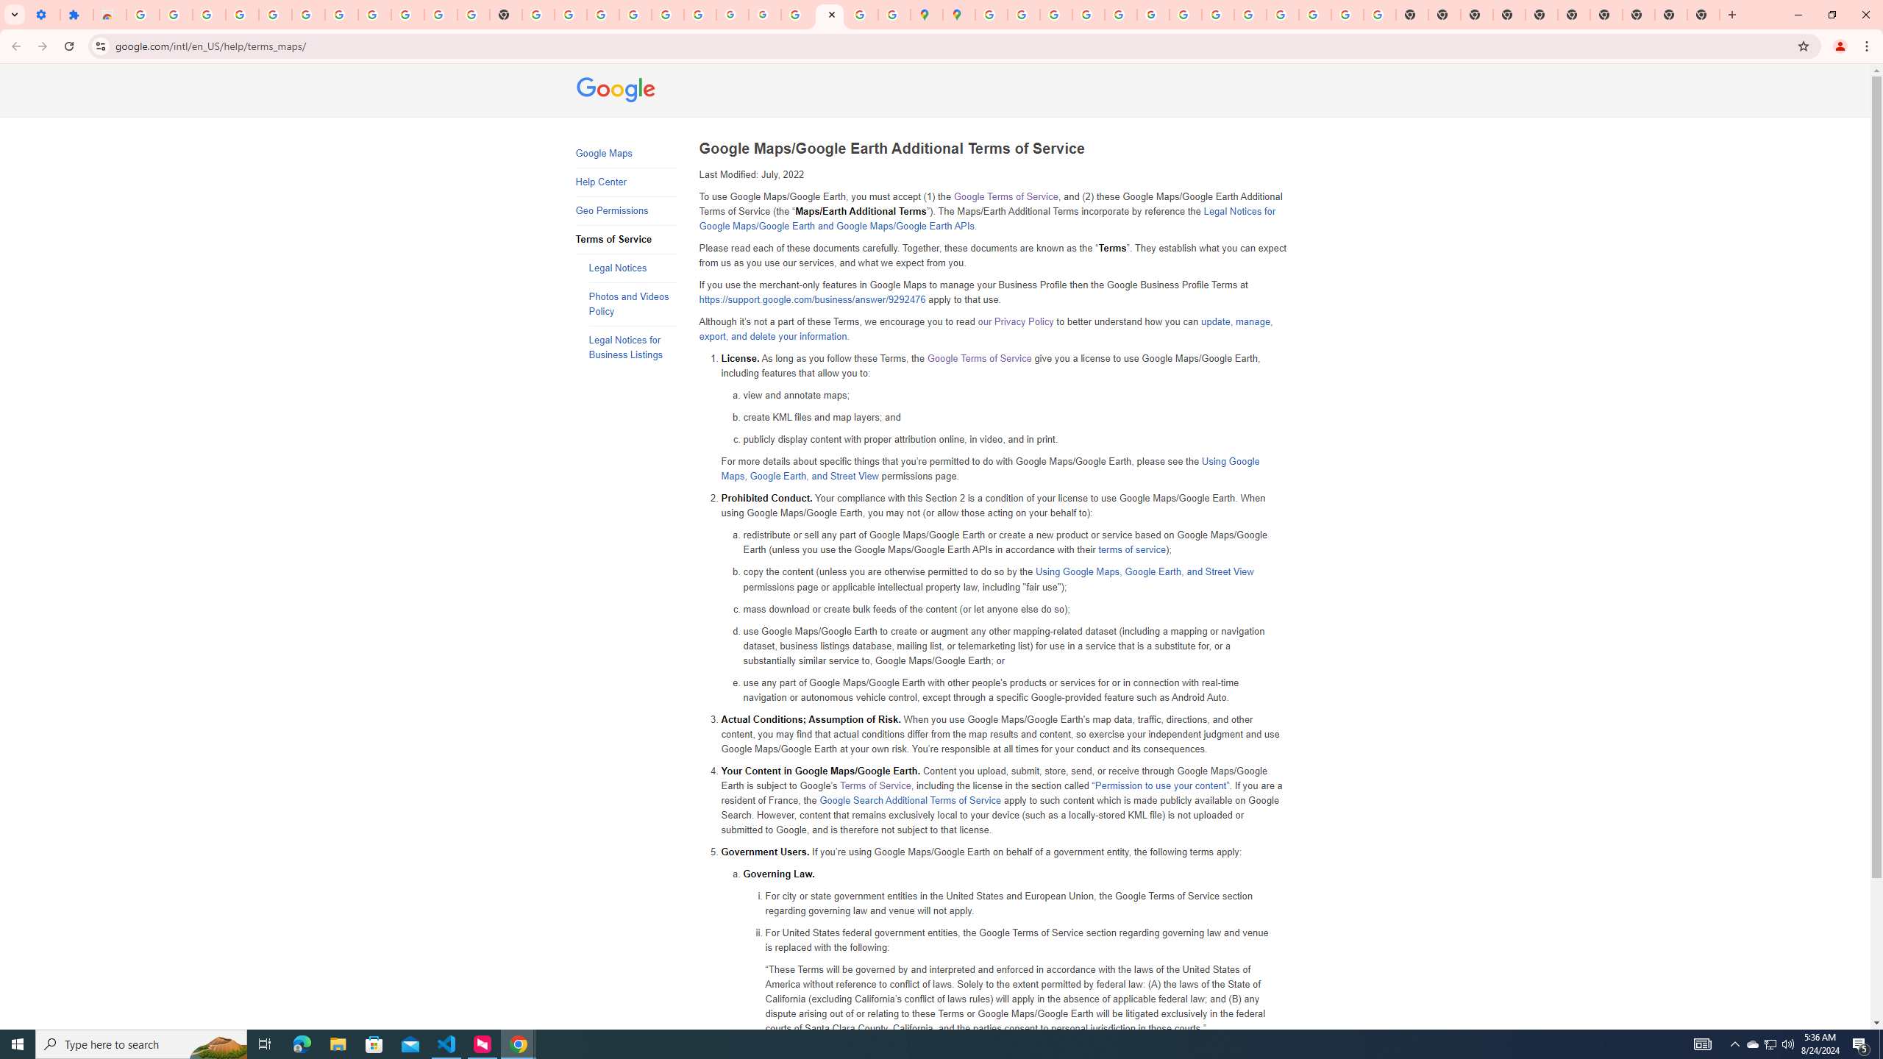 This screenshot has height=1059, width=1883. I want to click on 'New Tab', so click(1703, 14).